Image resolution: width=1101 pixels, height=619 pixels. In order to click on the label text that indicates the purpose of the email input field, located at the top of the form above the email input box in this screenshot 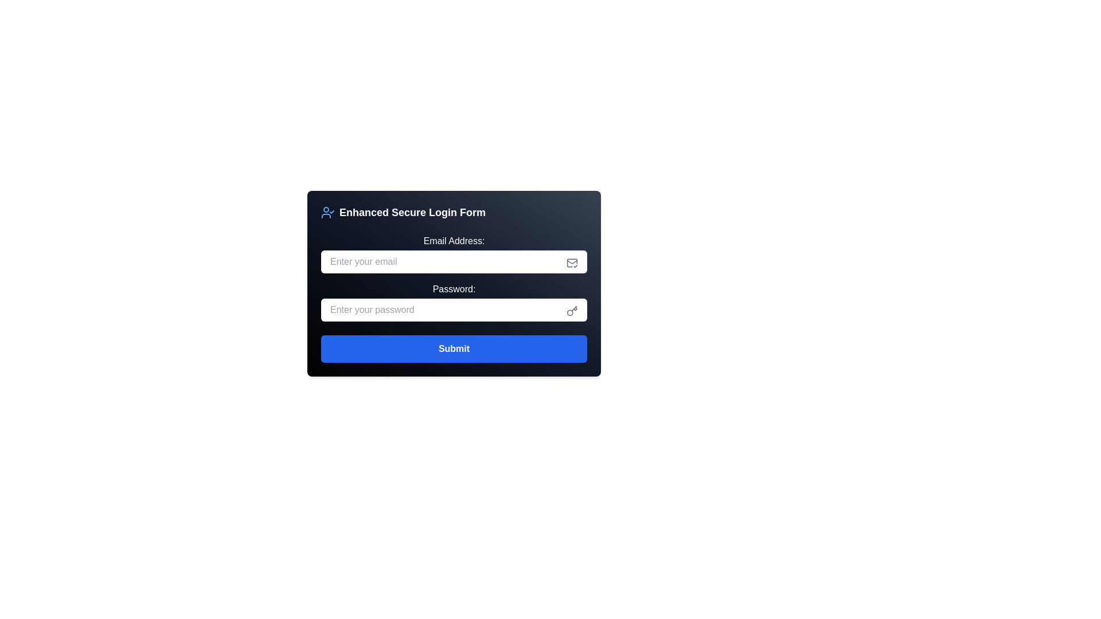, I will do `click(454, 240)`.